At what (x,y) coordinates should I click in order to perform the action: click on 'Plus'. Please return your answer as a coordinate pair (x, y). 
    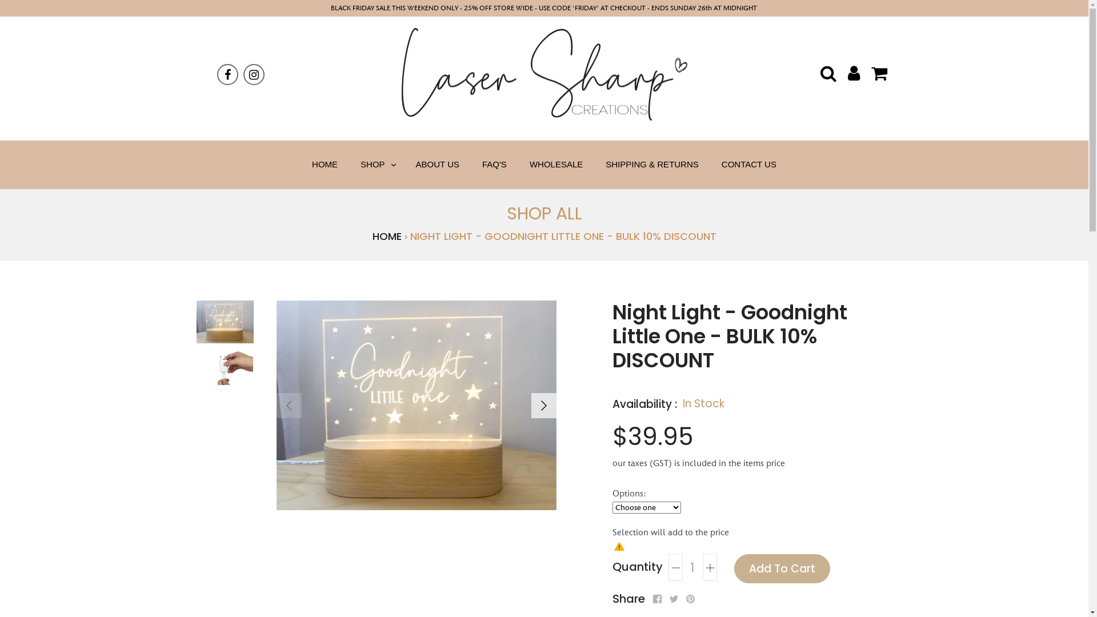
    Looking at the image, I should click on (709, 567).